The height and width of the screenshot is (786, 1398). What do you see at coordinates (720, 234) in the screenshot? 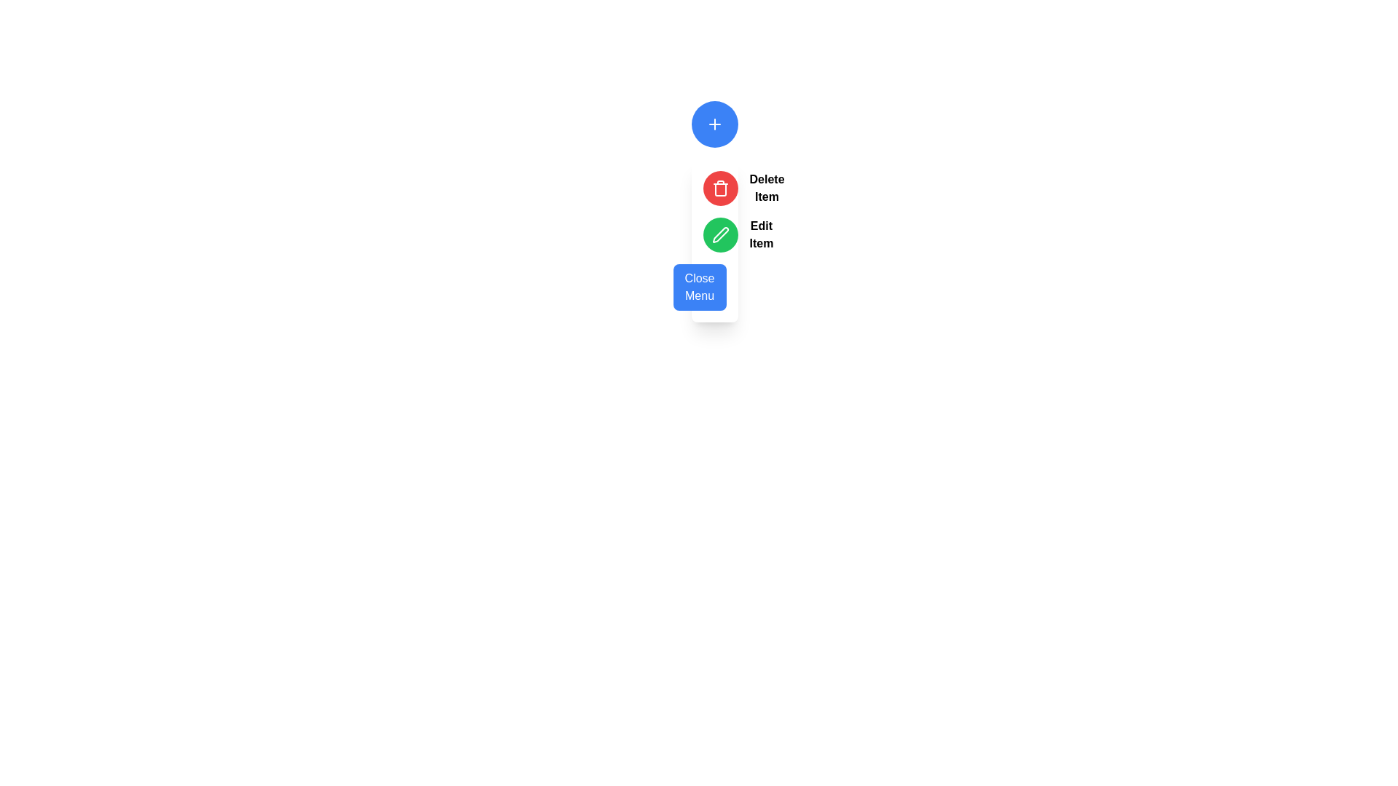
I see `the circular green icon button located in the vertical menu interface` at bounding box center [720, 234].